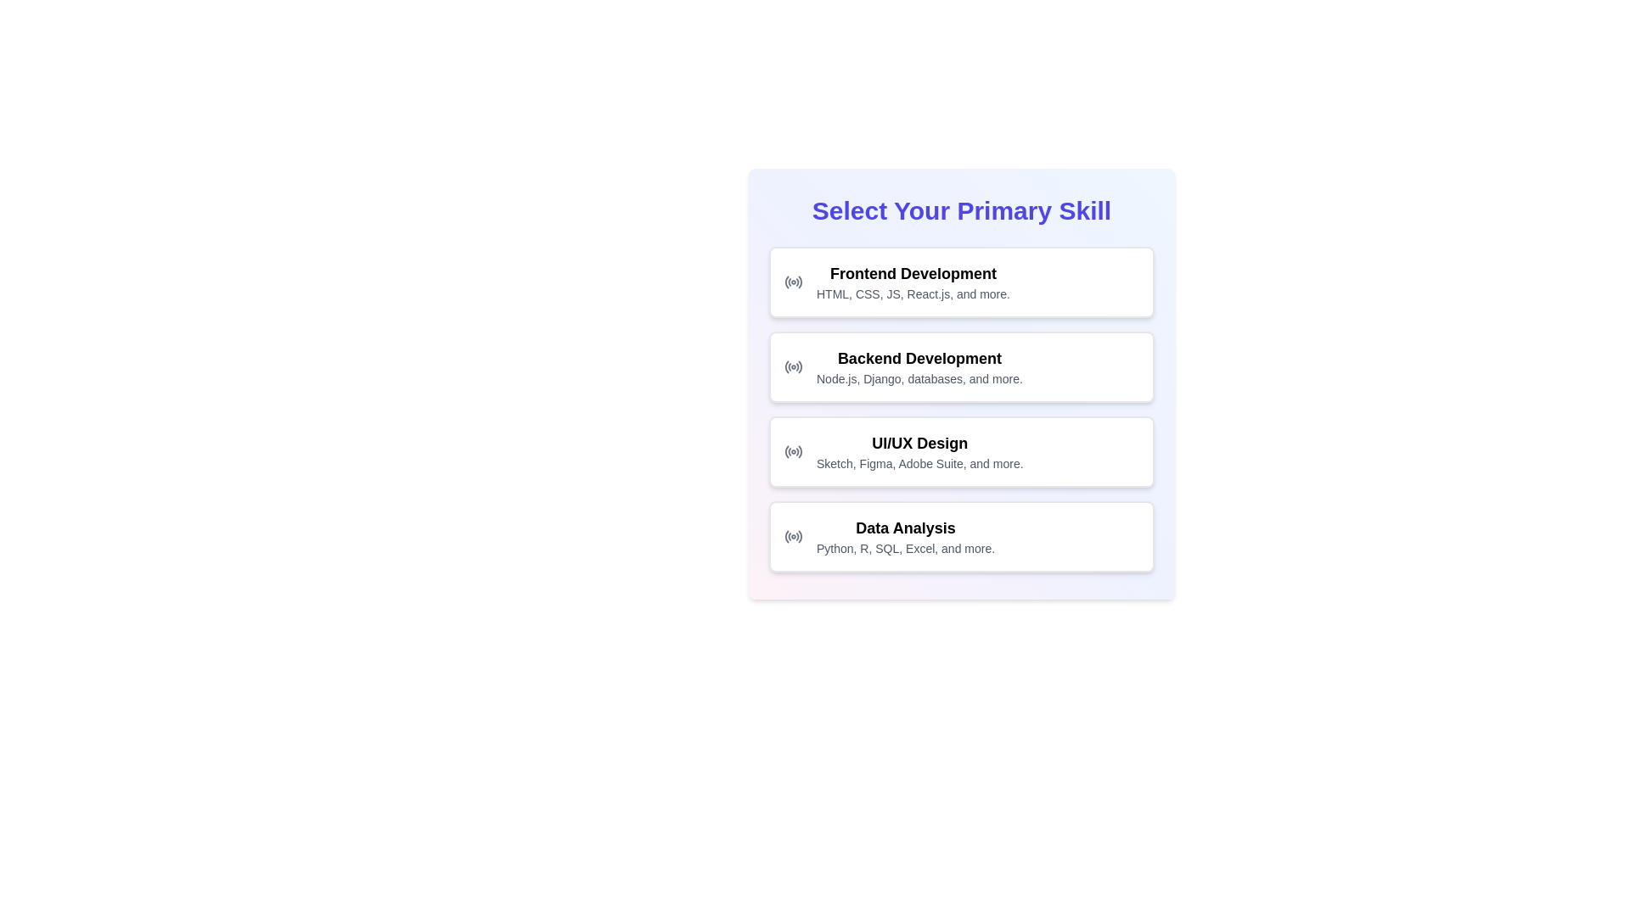 The image size is (1630, 916). What do you see at coordinates (793, 366) in the screenshot?
I see `the circular icon styled with concentric curves and a center dot, located to the left of the text 'Backend Development'` at bounding box center [793, 366].